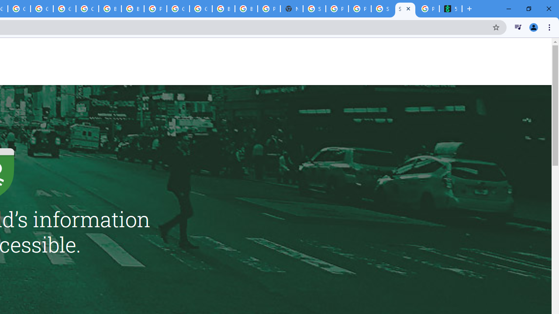 The image size is (559, 314). I want to click on 'New Tab', so click(292, 9).